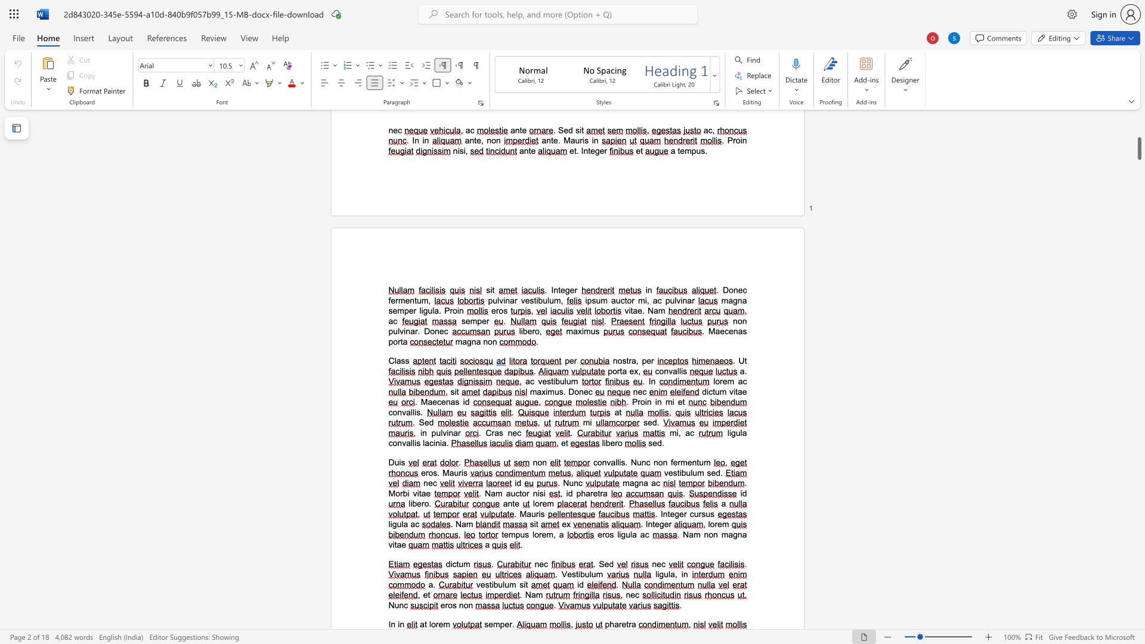 The width and height of the screenshot is (1145, 644). Describe the element at coordinates (631, 624) in the screenshot. I see `the space between the continuous character "r" and "a" in the text` at that location.